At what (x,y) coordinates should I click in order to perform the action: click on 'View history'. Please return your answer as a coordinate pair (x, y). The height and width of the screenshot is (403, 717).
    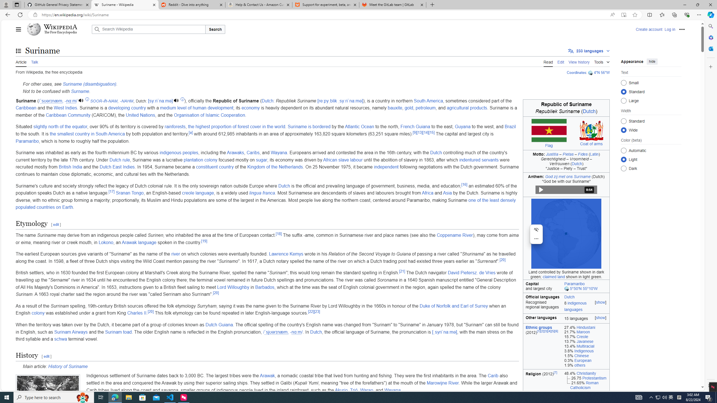
    Looking at the image, I should click on (579, 61).